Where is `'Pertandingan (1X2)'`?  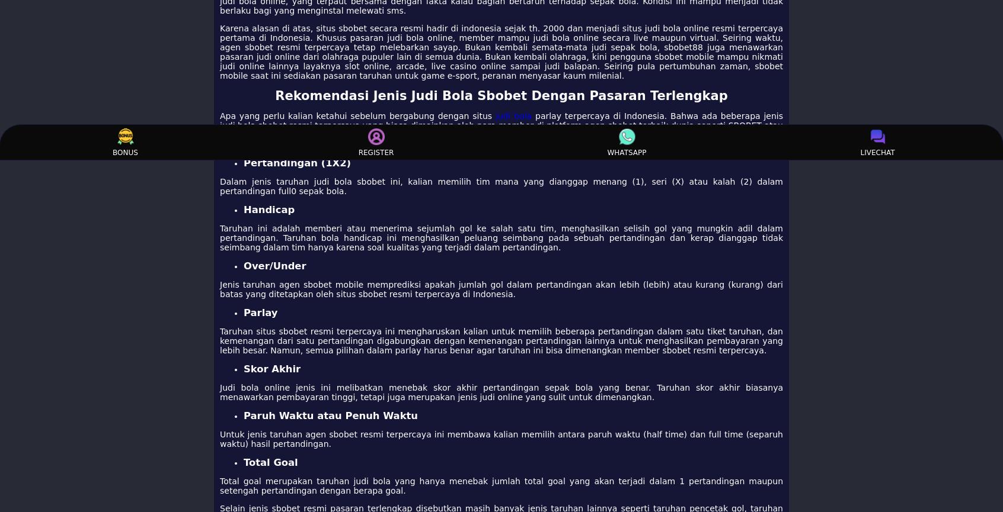 'Pertandingan (1X2)' is located at coordinates (297, 162).